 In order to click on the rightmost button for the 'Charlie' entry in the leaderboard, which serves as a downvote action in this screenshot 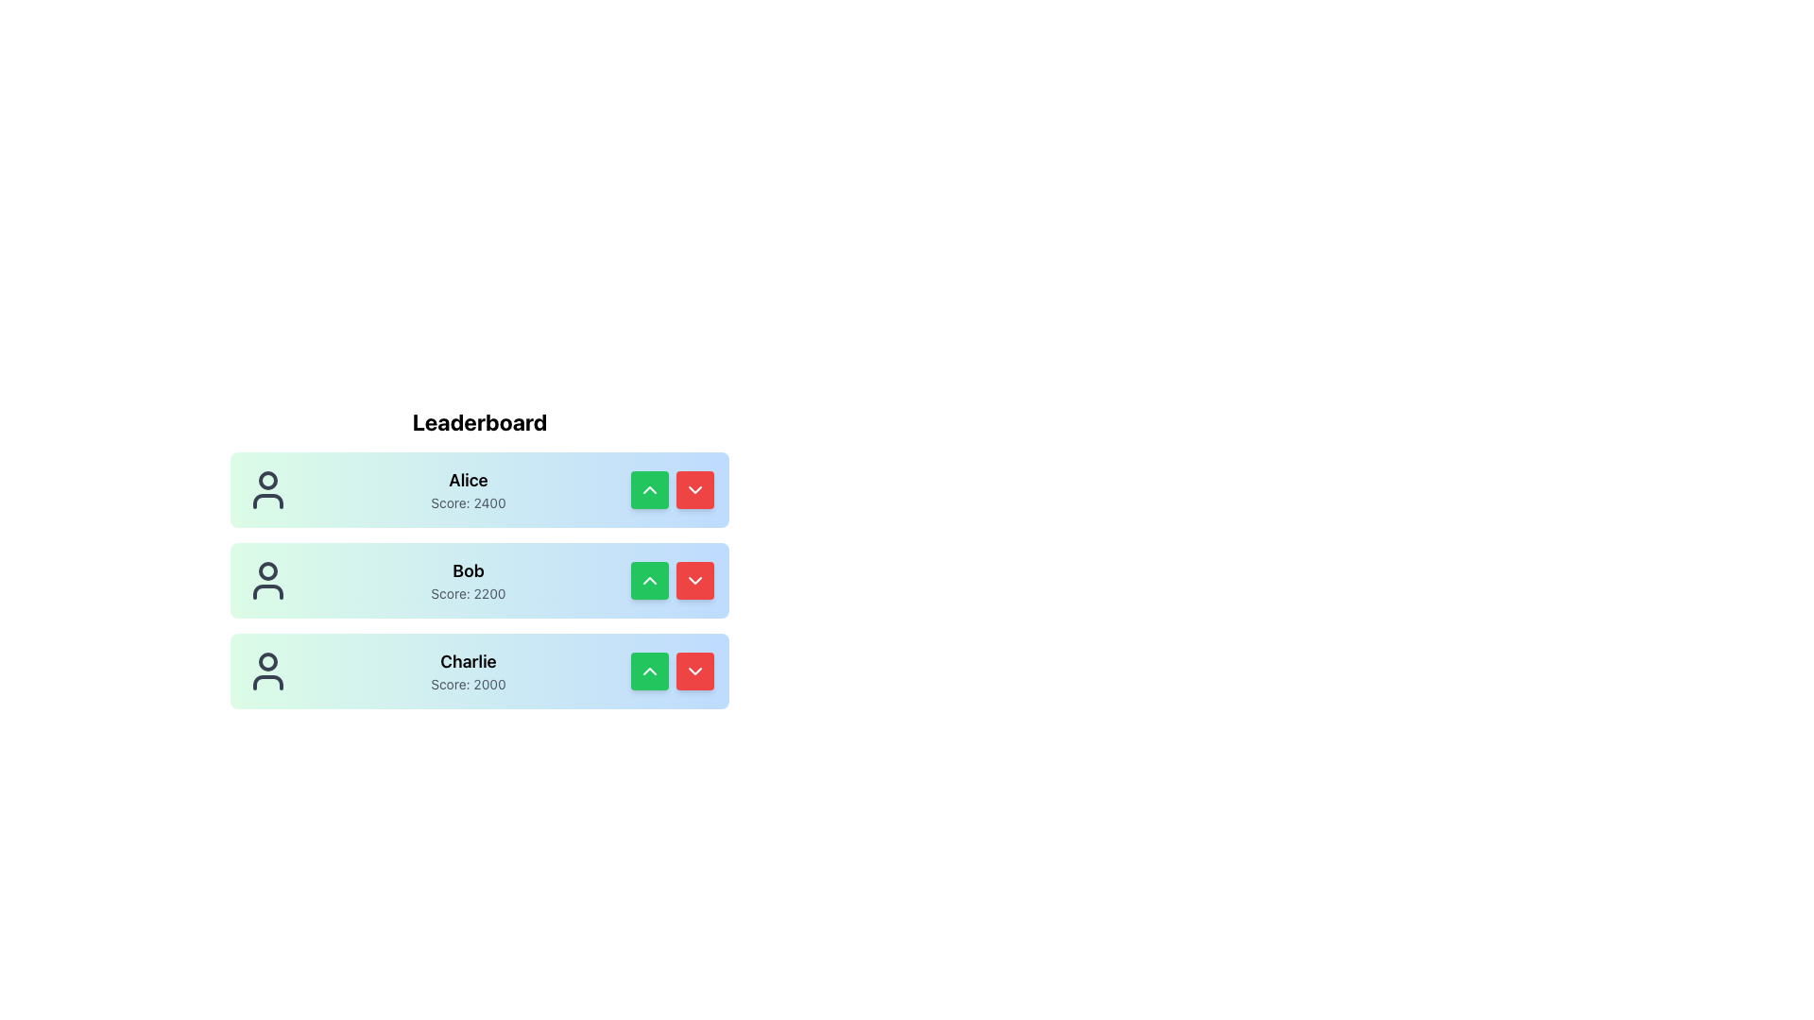, I will do `click(693, 670)`.